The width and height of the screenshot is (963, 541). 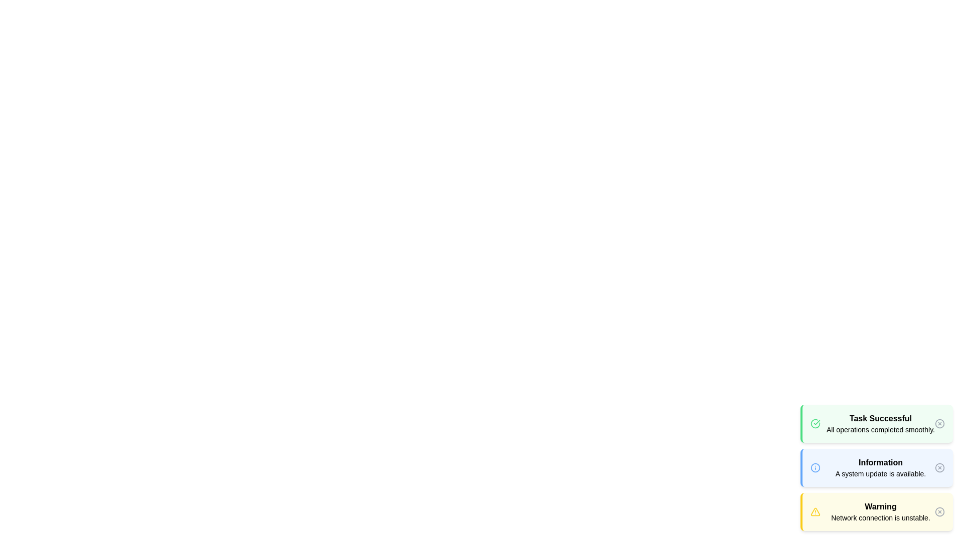 What do you see at coordinates (876, 423) in the screenshot?
I see `the alert with the type success` at bounding box center [876, 423].